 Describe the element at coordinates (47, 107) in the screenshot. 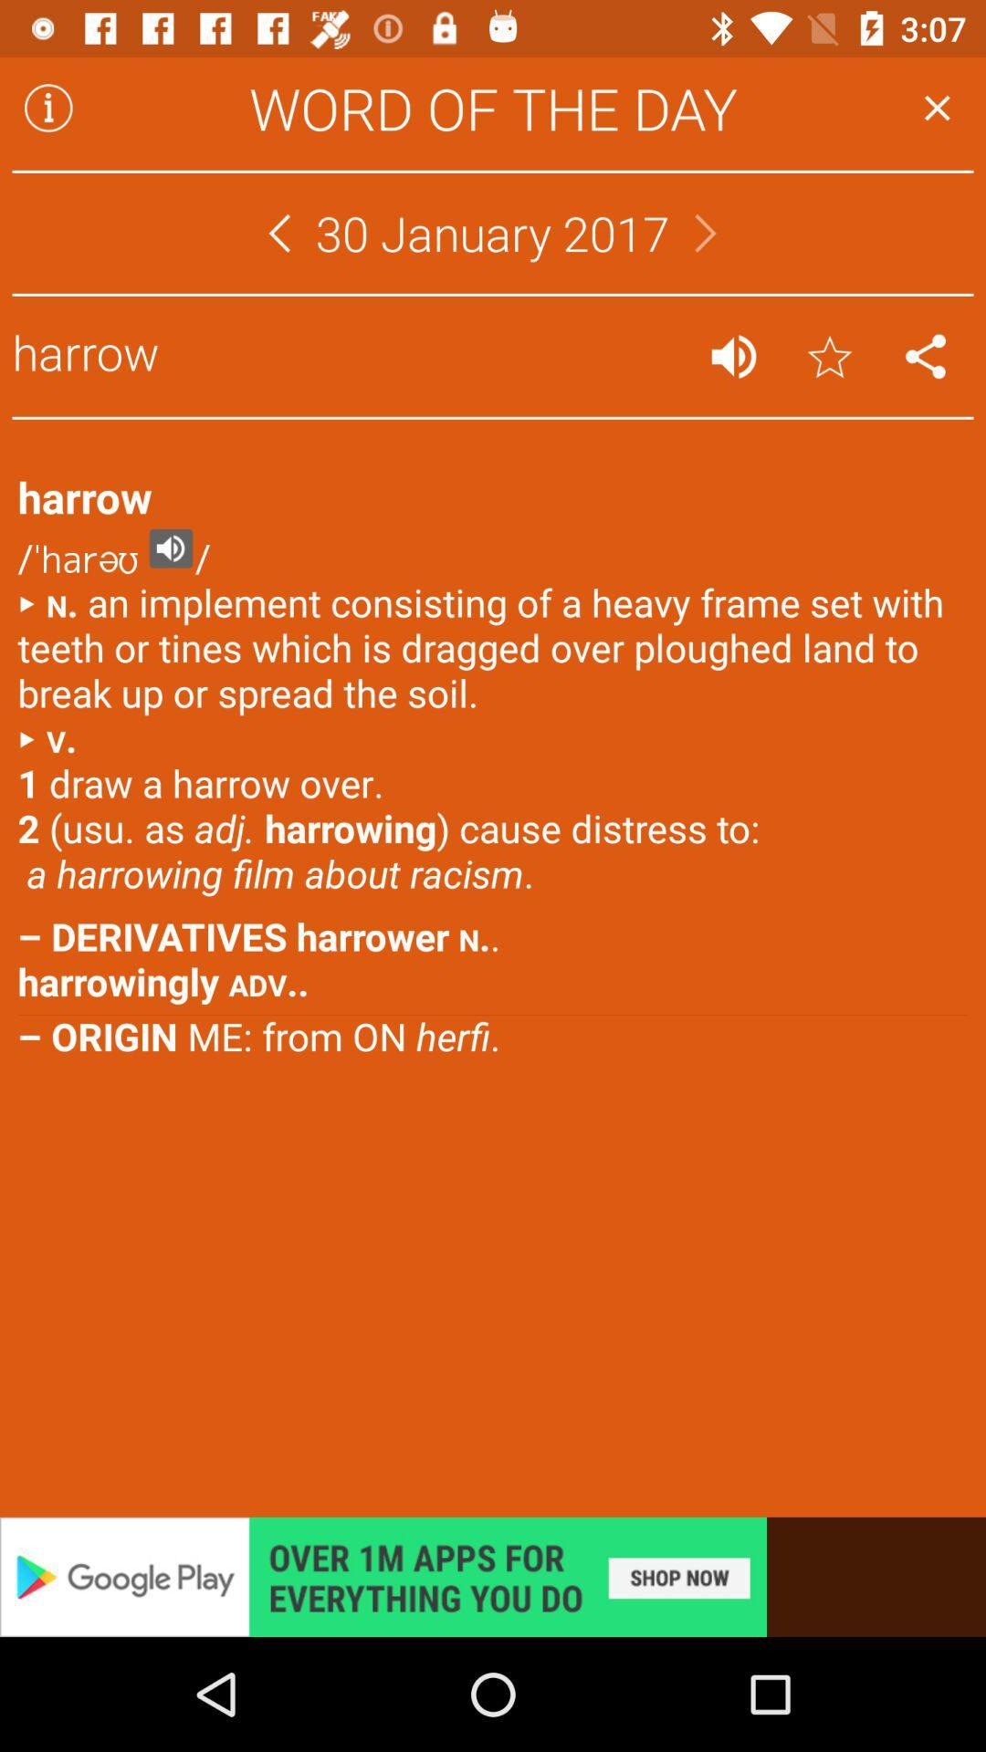

I see `information about the app` at that location.